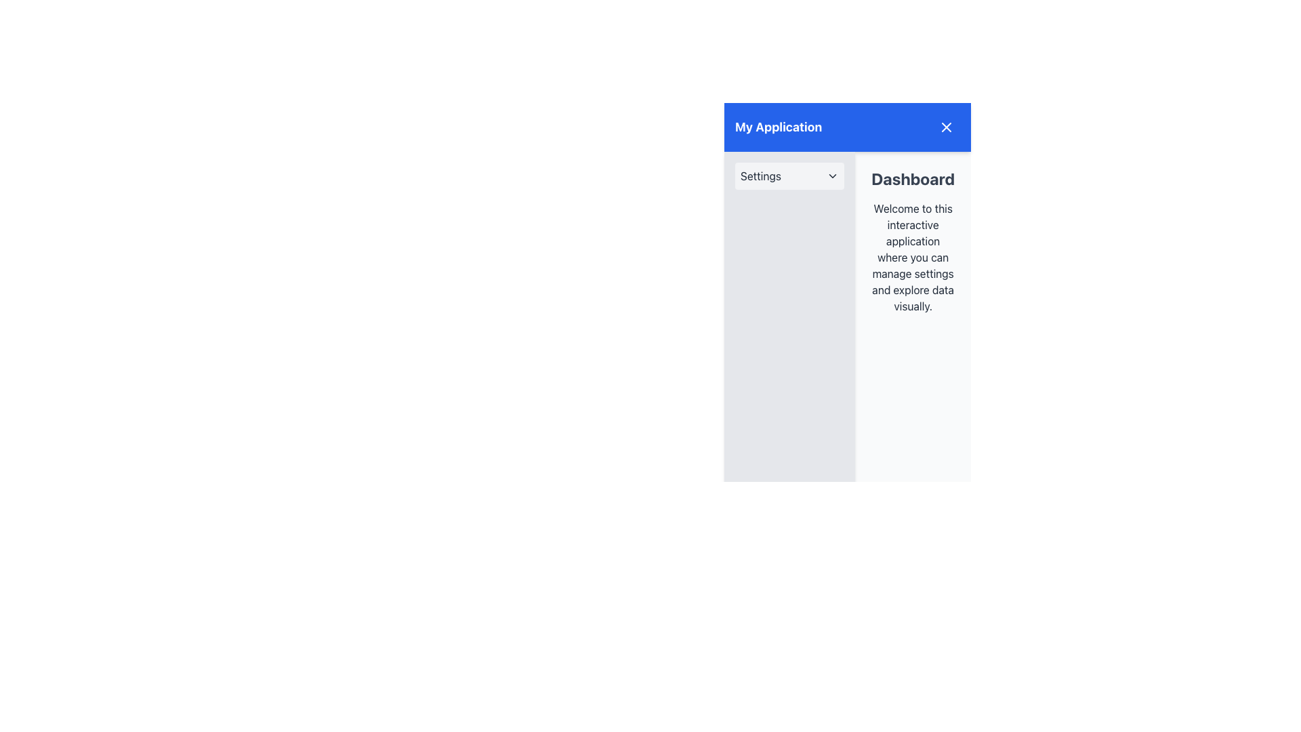 This screenshot has width=1301, height=732. What do you see at coordinates (761, 175) in the screenshot?
I see `the 'Settings' text label located in the left sidebar of the application, which serves to indicate the section's name or purpose` at bounding box center [761, 175].